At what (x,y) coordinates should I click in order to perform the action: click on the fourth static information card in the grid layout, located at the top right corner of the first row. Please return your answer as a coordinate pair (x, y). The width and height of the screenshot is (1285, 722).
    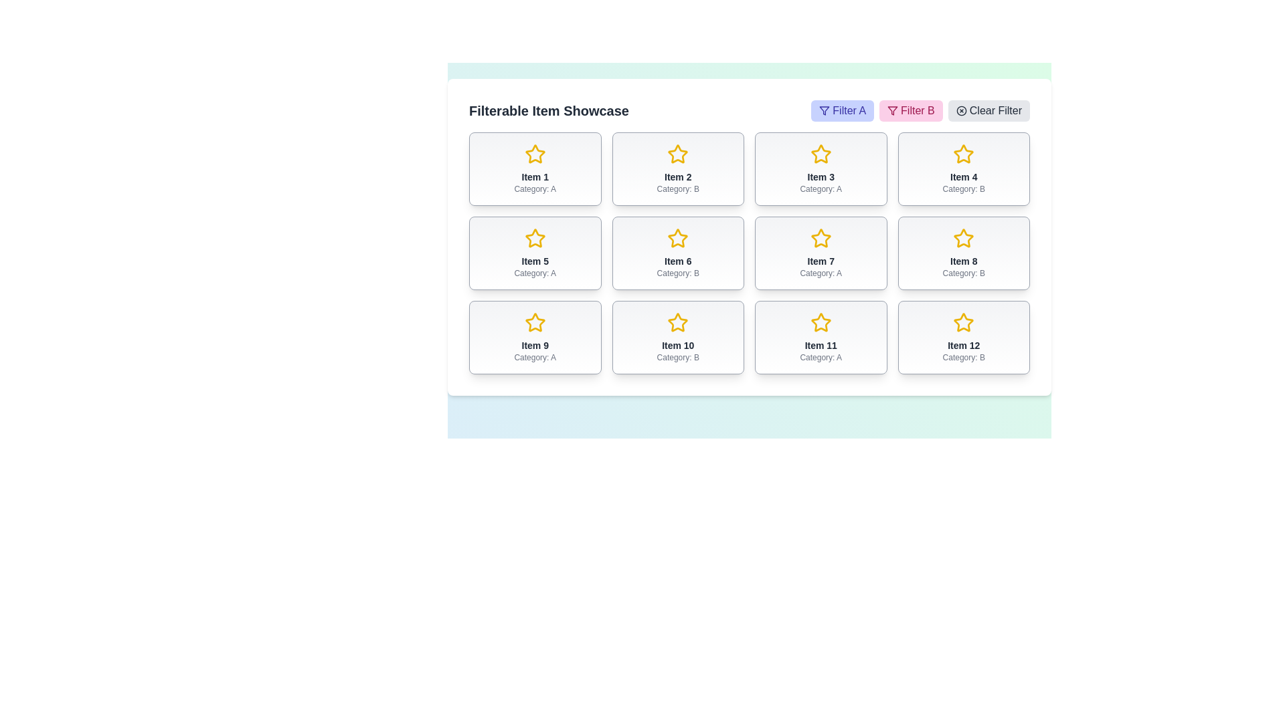
    Looking at the image, I should click on (964, 168).